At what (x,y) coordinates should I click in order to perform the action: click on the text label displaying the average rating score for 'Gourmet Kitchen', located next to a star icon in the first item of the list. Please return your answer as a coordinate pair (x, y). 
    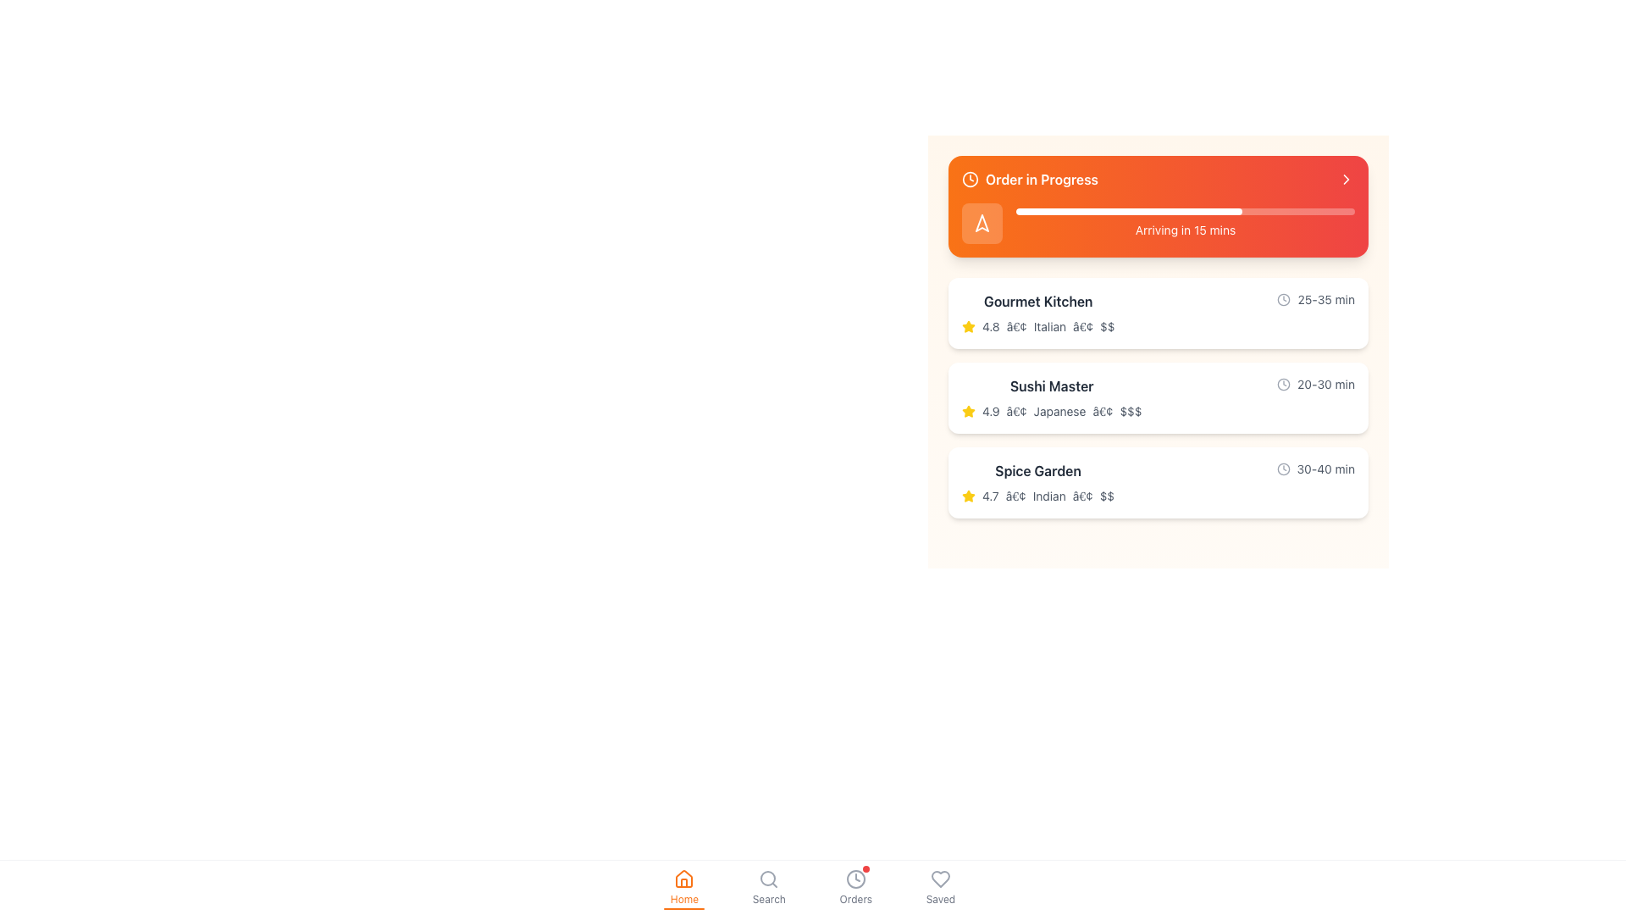
    Looking at the image, I should click on (991, 326).